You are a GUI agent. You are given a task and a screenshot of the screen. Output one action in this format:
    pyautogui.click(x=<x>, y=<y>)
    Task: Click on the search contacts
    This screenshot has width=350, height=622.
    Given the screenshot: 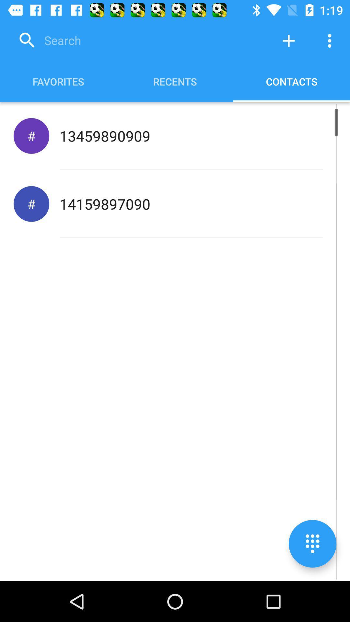 What is the action you would take?
    pyautogui.click(x=141, y=40)
    